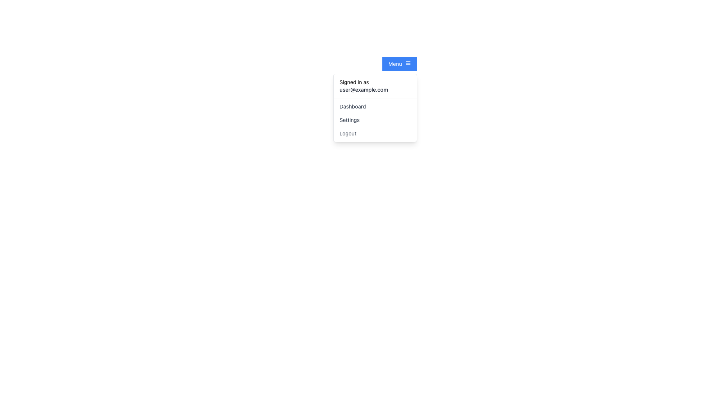  What do you see at coordinates (399, 63) in the screenshot?
I see `the toggle button located at the top-right of the white dropdown menu` at bounding box center [399, 63].